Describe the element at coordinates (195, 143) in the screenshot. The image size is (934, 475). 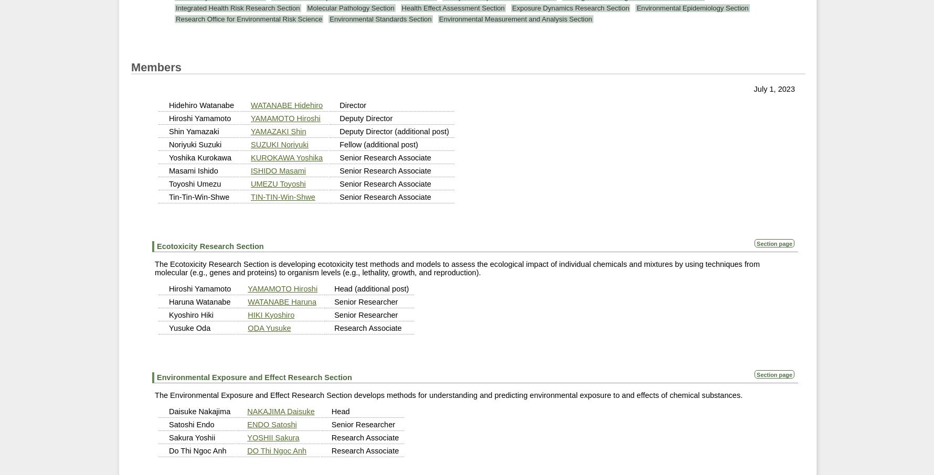
I see `'Noriyuki Suzuki'` at that location.